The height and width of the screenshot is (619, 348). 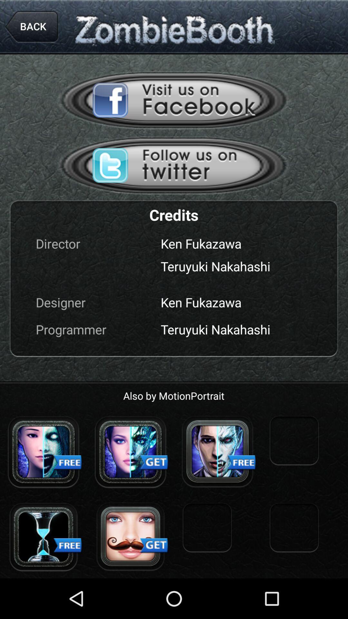 I want to click on choose avatar, so click(x=130, y=451).